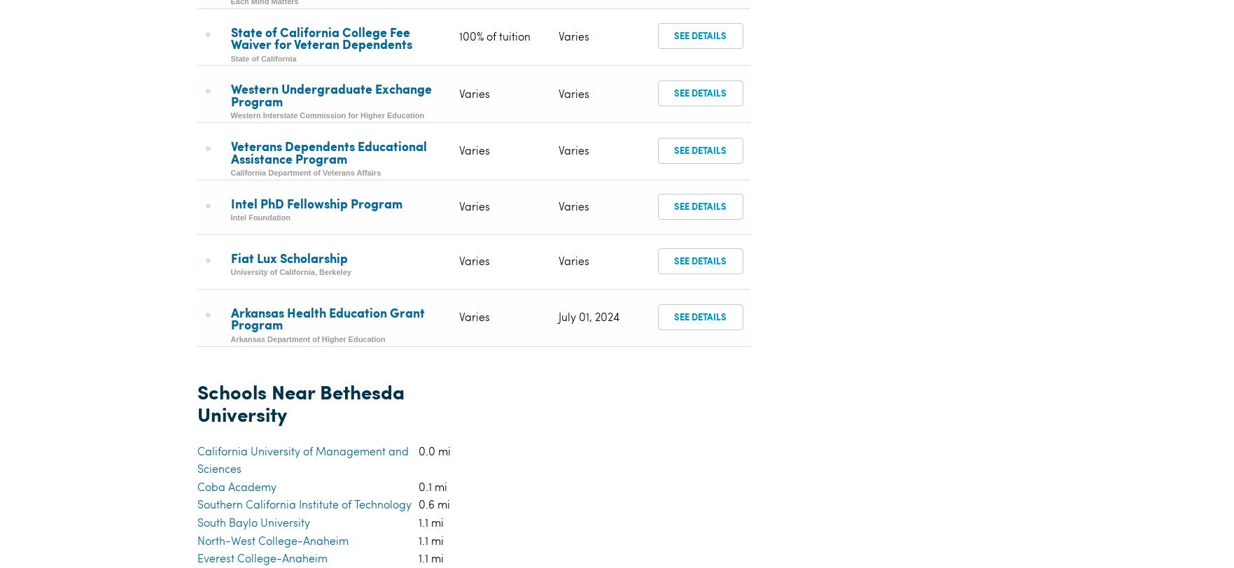 The image size is (1234, 568). I want to click on 'North-West College-Anaheim', so click(272, 257).